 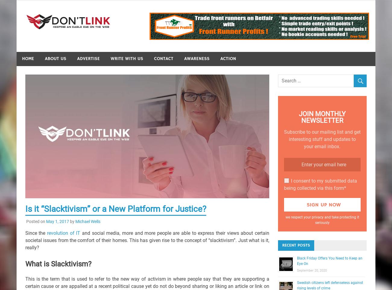 I want to click on 'Since the', so click(x=36, y=233).